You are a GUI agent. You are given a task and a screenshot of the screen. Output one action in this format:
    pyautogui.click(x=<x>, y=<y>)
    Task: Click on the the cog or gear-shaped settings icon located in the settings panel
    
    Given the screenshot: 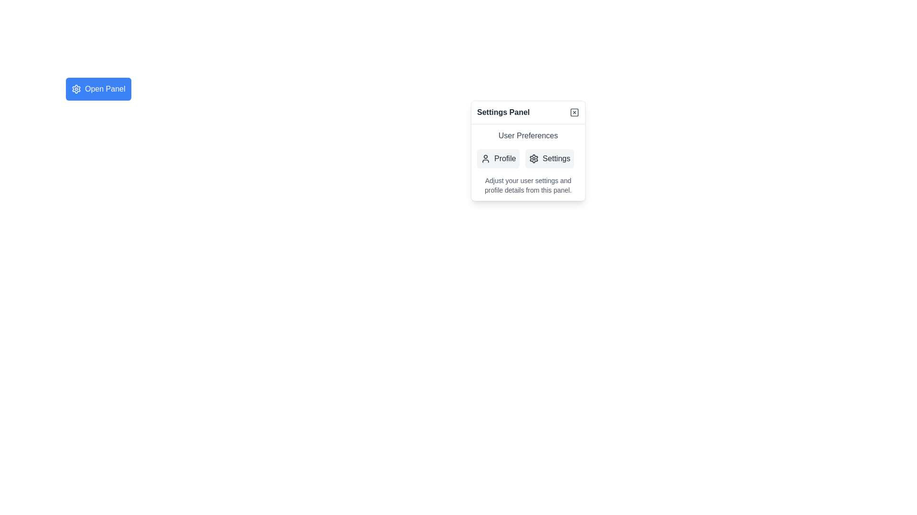 What is the action you would take?
    pyautogui.click(x=533, y=158)
    